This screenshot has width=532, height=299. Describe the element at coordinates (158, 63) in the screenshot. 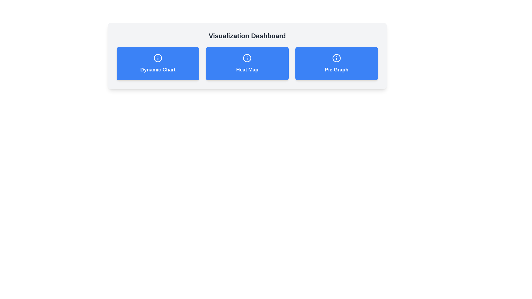

I see `the first button in the horizontal grid, which serves as a navigation trigger to a dynamic chart-related page` at that location.